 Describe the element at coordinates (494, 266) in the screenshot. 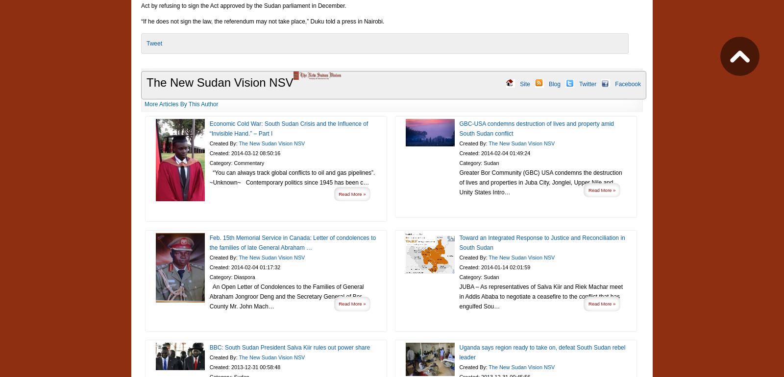

I see `'Created: 2014-01-14 02:01:59'` at that location.